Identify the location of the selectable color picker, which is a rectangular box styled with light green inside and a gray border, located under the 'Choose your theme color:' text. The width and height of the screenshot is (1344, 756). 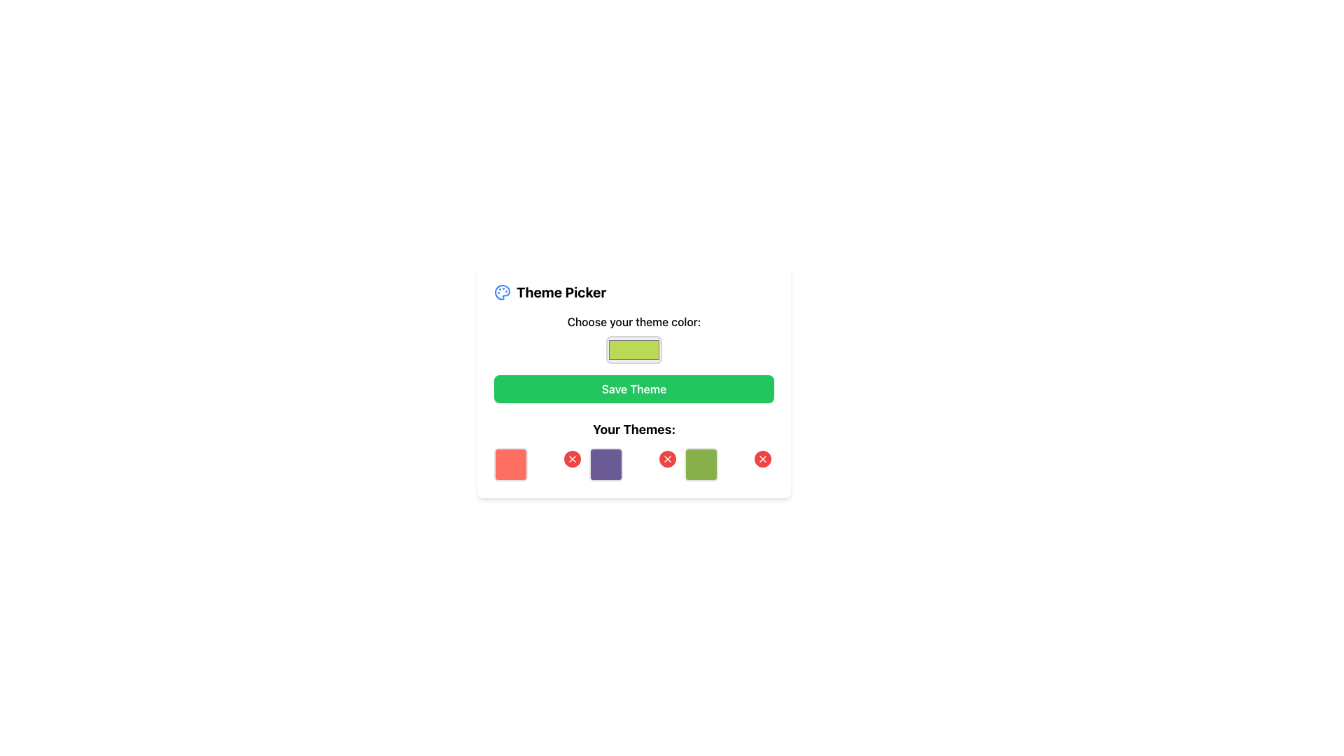
(633, 338).